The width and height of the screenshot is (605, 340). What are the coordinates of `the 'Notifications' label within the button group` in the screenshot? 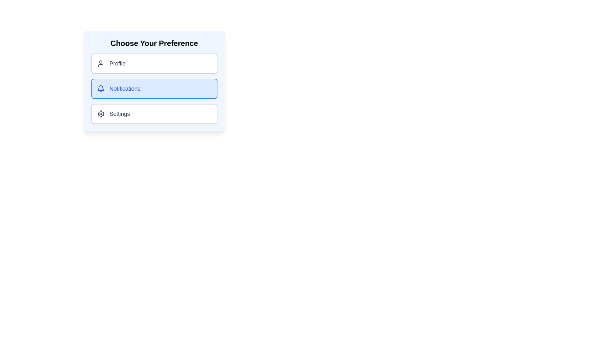 It's located at (124, 88).